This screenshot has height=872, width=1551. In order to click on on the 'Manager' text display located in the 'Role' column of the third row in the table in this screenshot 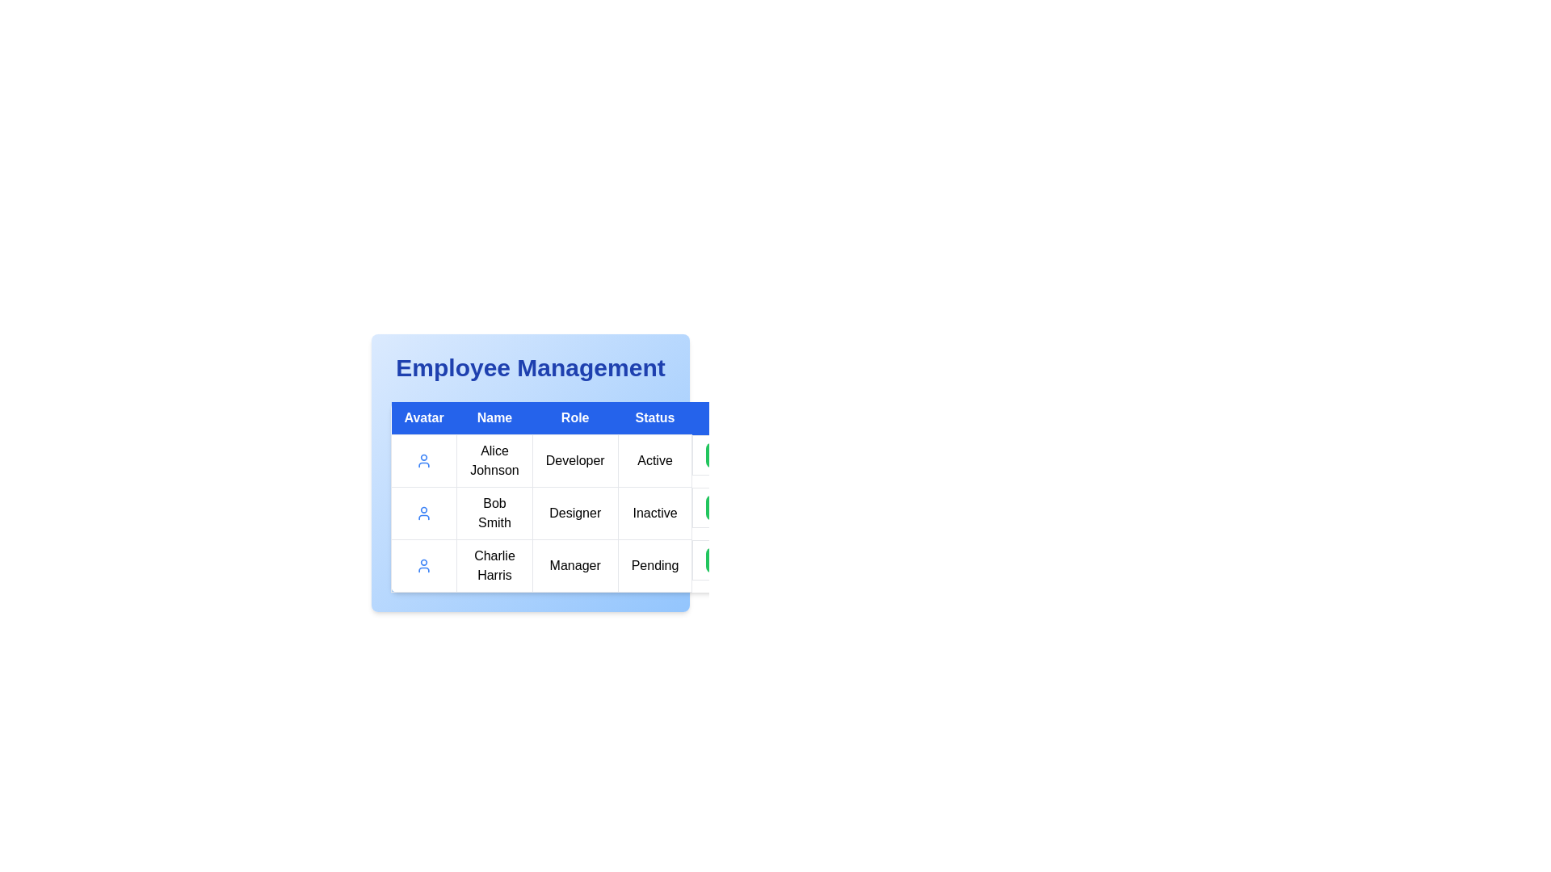, I will do `click(575, 565)`.